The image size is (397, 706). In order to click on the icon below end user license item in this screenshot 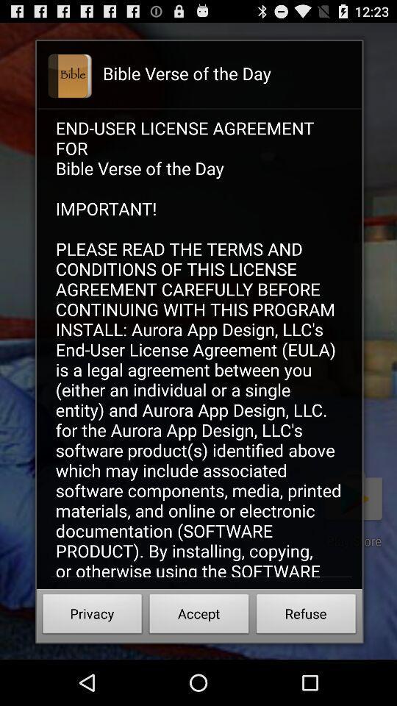, I will do `click(198, 616)`.